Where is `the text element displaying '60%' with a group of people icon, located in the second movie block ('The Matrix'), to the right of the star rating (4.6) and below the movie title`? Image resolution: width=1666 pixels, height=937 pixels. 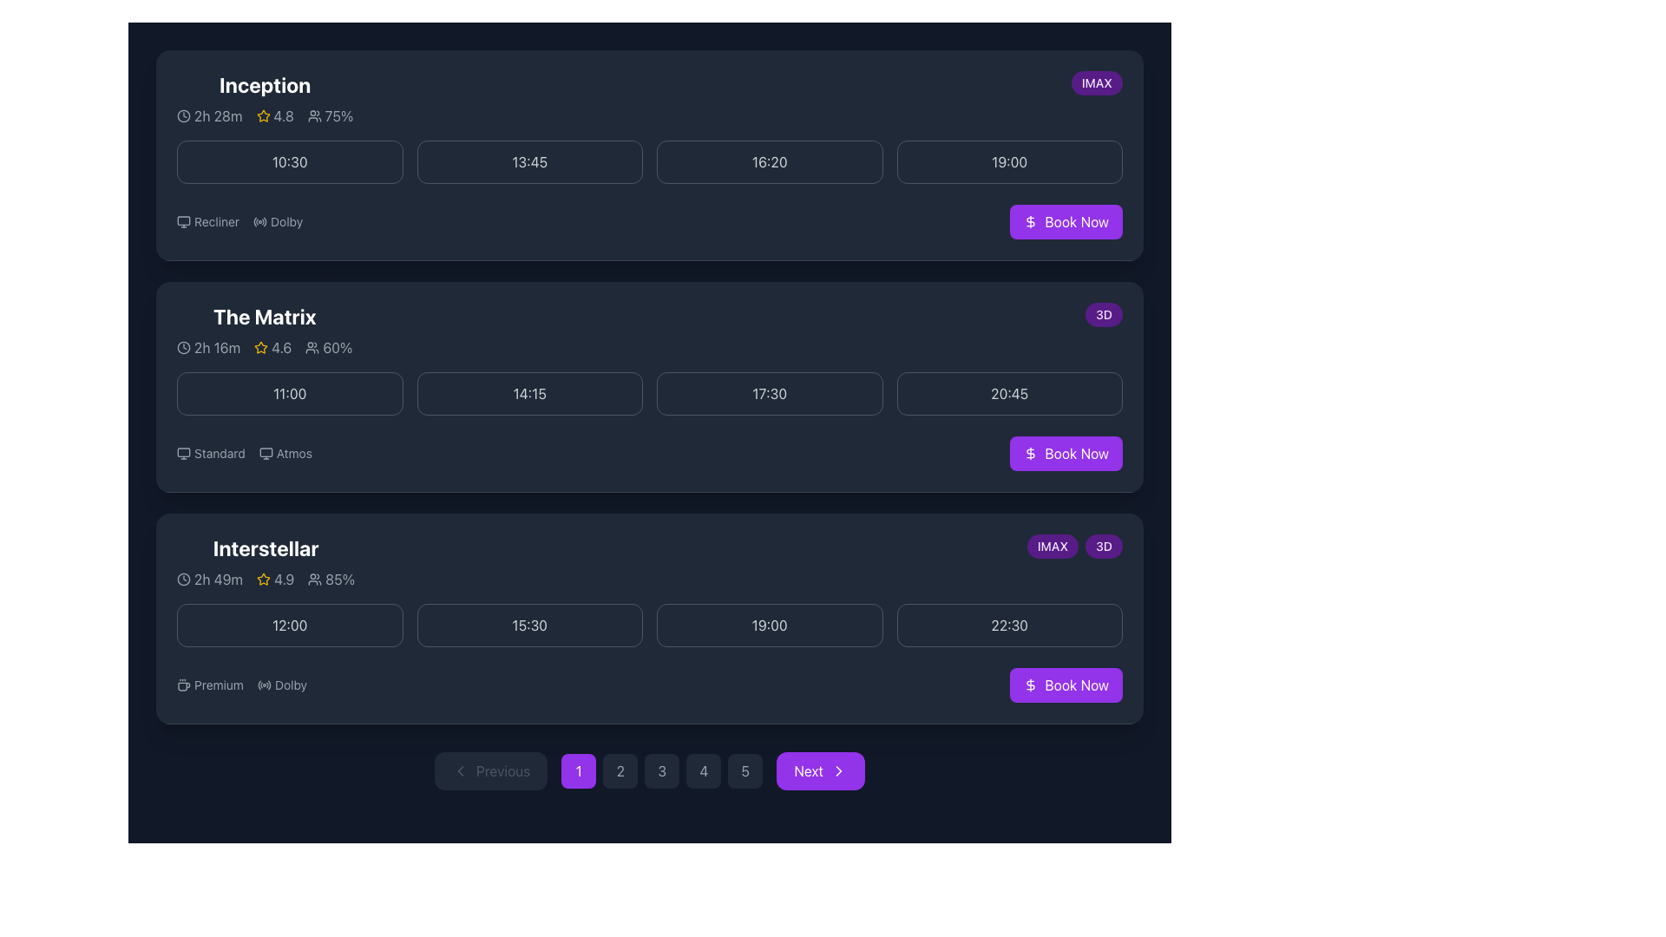 the text element displaying '60%' with a group of people icon, located in the second movie block ('The Matrix'), to the right of the star rating (4.6) and below the movie title is located at coordinates (329, 348).